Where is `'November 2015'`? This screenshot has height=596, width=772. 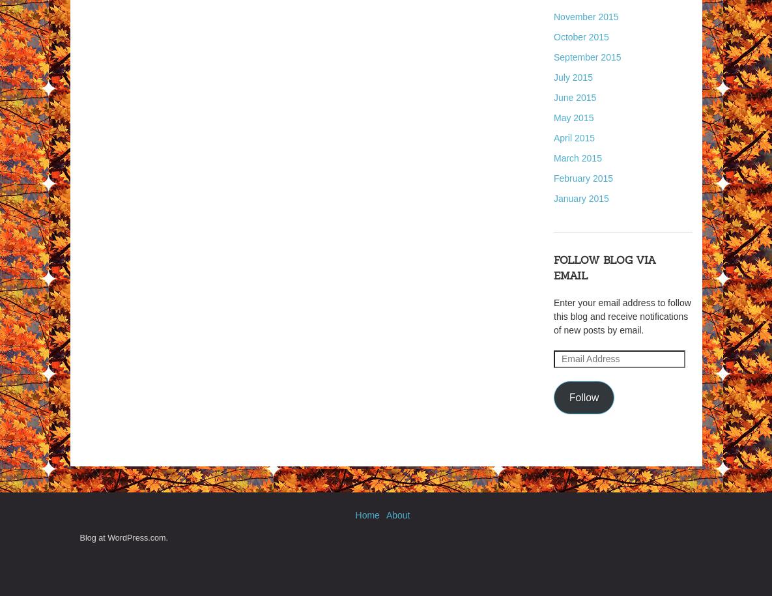
'November 2015' is located at coordinates (586, 16).